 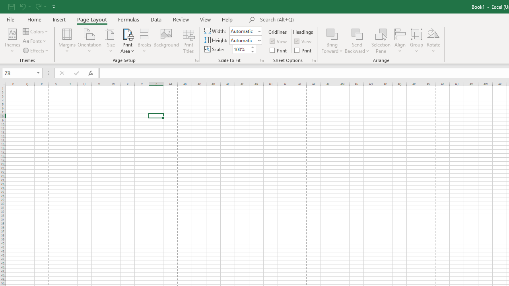 I want to click on 'Effects', so click(x=36, y=50).